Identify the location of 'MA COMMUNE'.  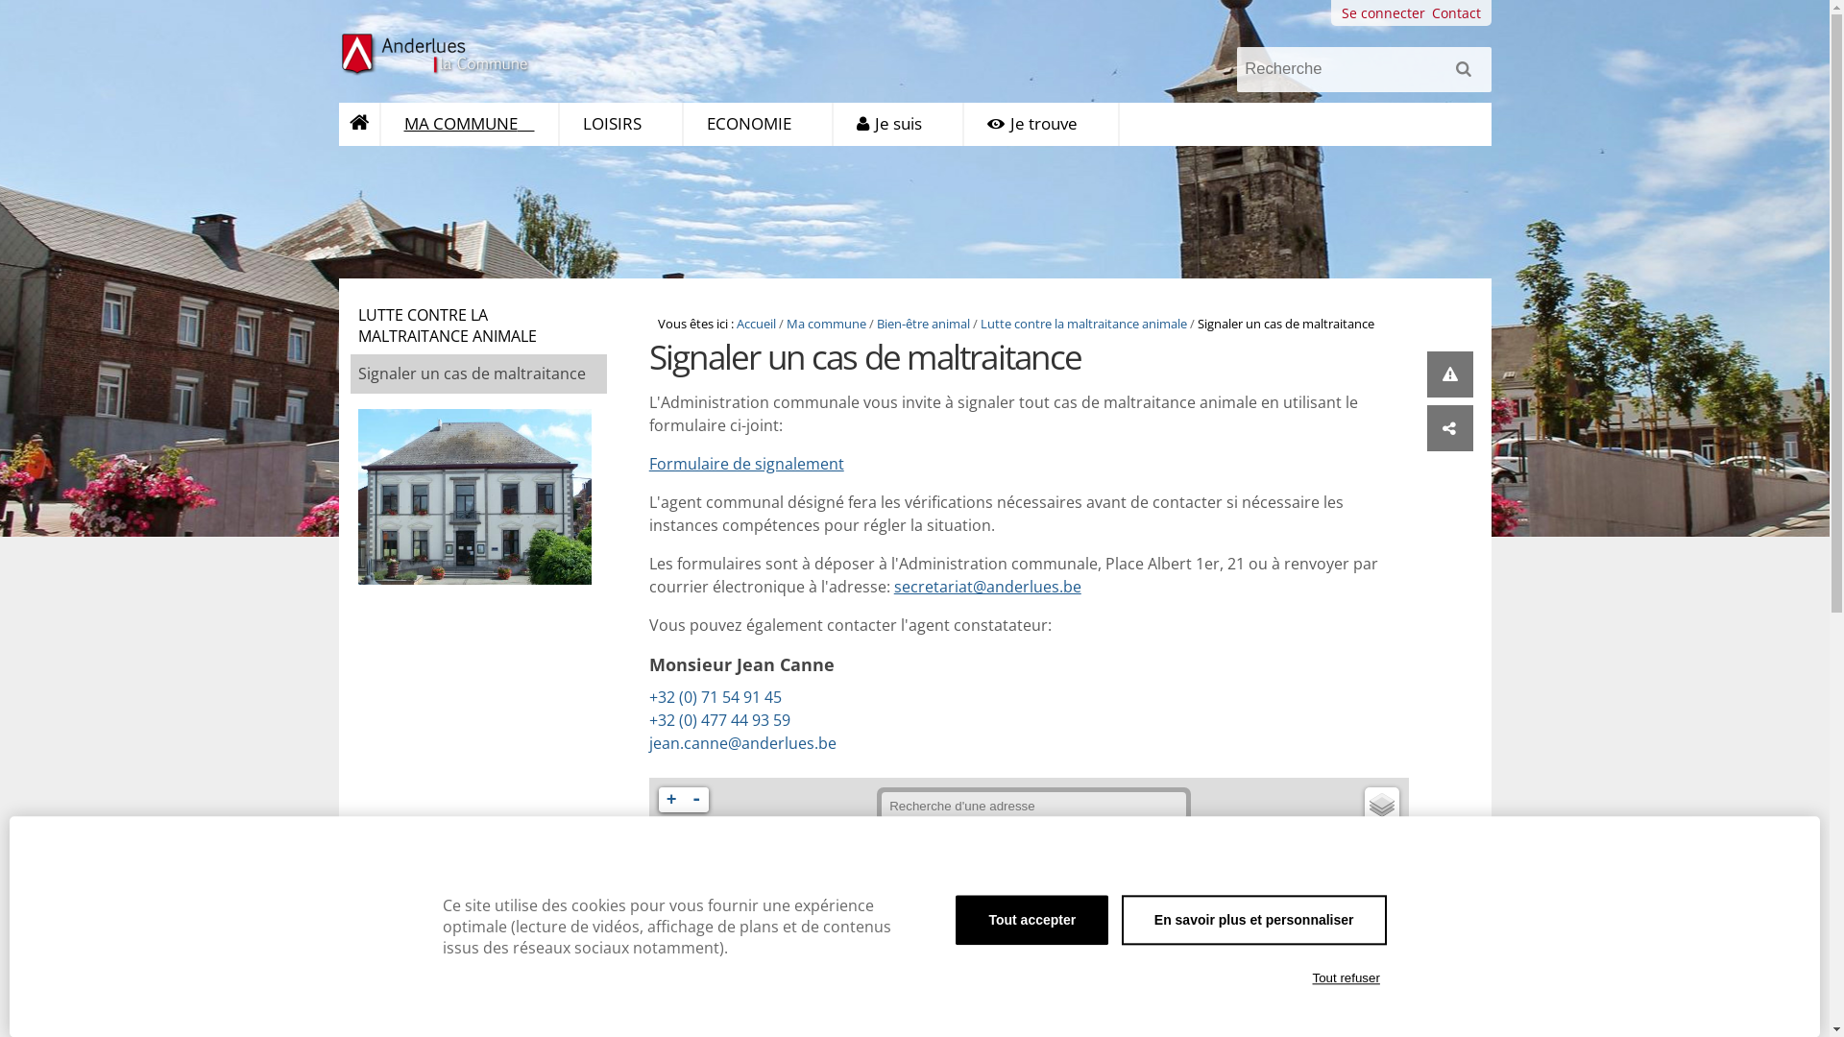
(470, 124).